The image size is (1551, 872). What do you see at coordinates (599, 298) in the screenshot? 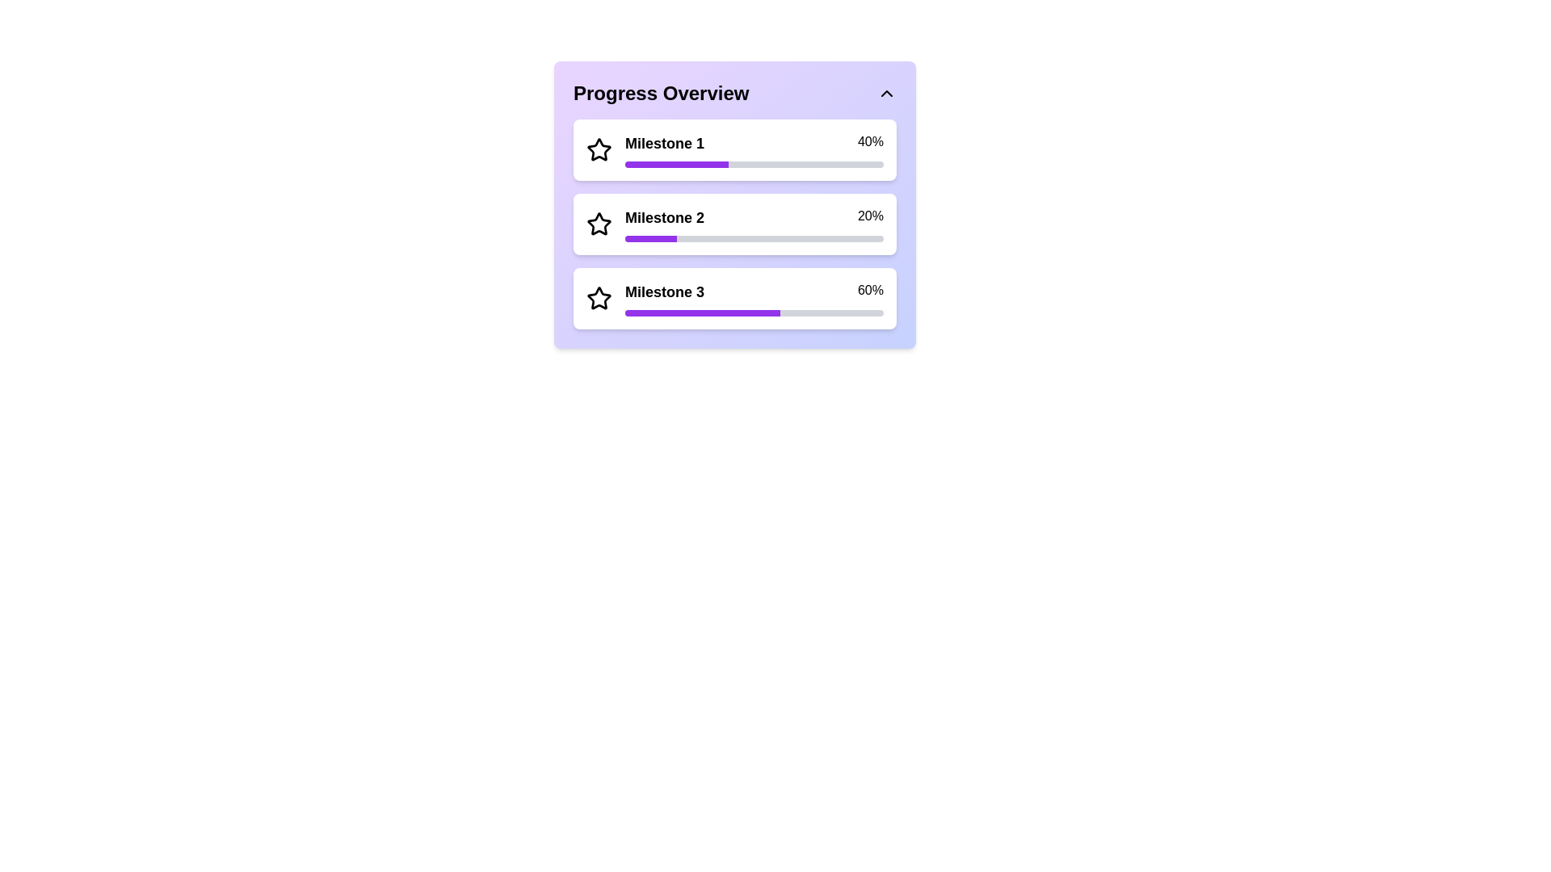
I see `the star-shaped icon associated with 'Milestone 3' in the progress tracking card` at bounding box center [599, 298].